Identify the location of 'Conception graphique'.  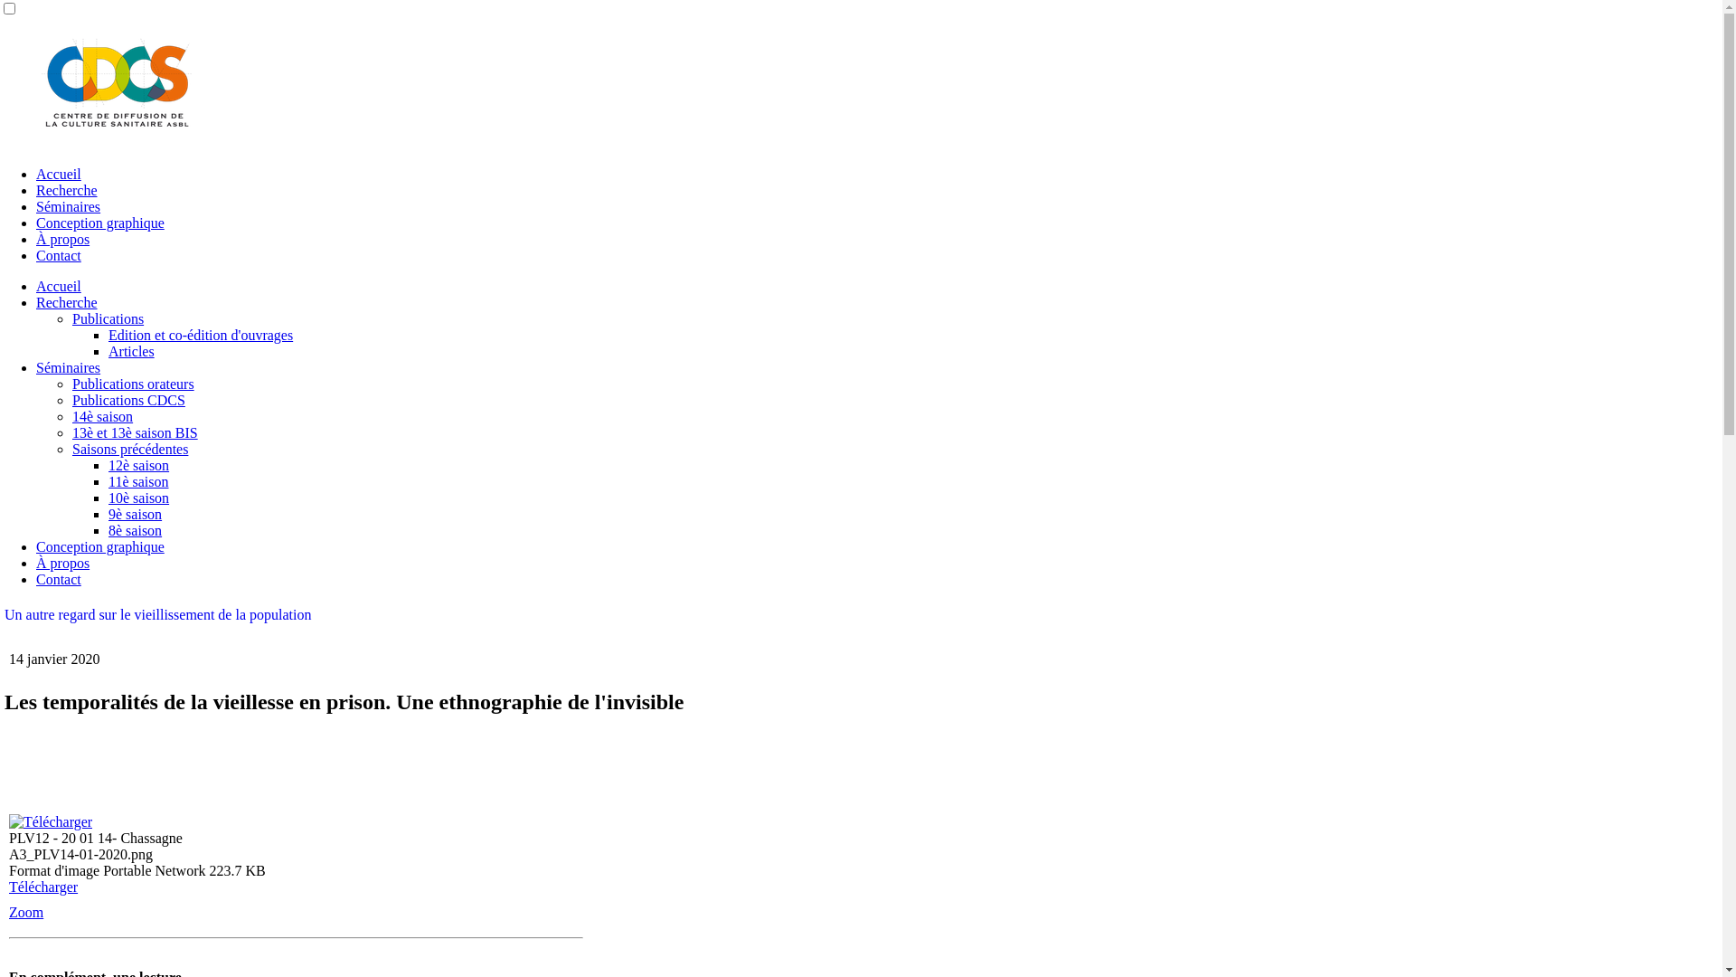
(99, 222).